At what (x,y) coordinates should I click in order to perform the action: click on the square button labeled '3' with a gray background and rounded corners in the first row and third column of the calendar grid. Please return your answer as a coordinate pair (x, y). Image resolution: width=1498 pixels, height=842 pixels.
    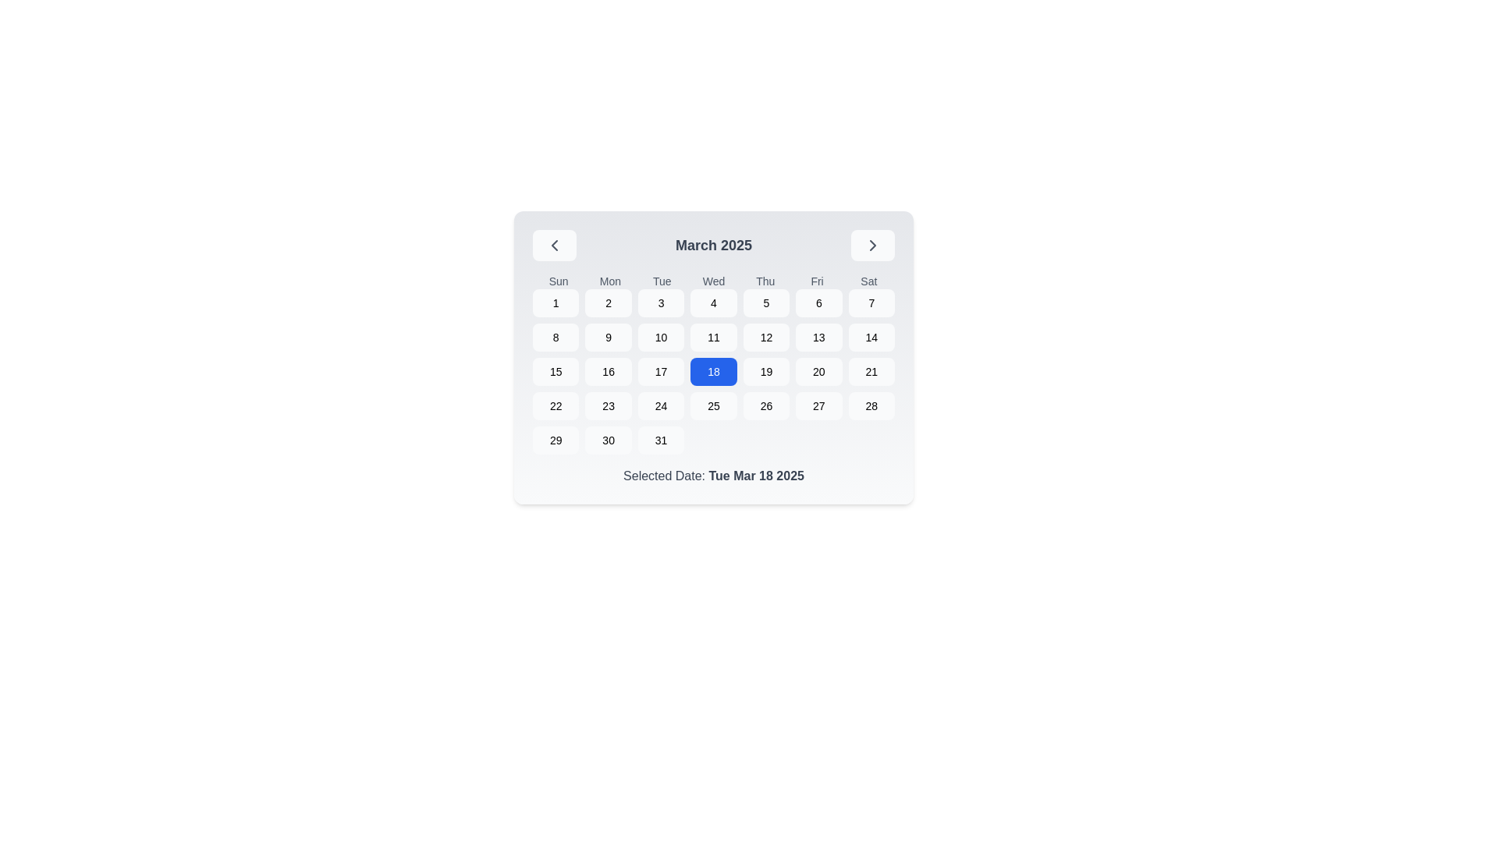
    Looking at the image, I should click on (661, 303).